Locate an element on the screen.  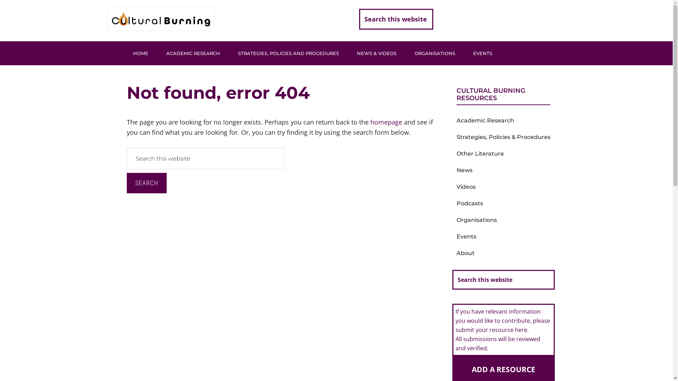
'homepage' is located at coordinates (386, 122).